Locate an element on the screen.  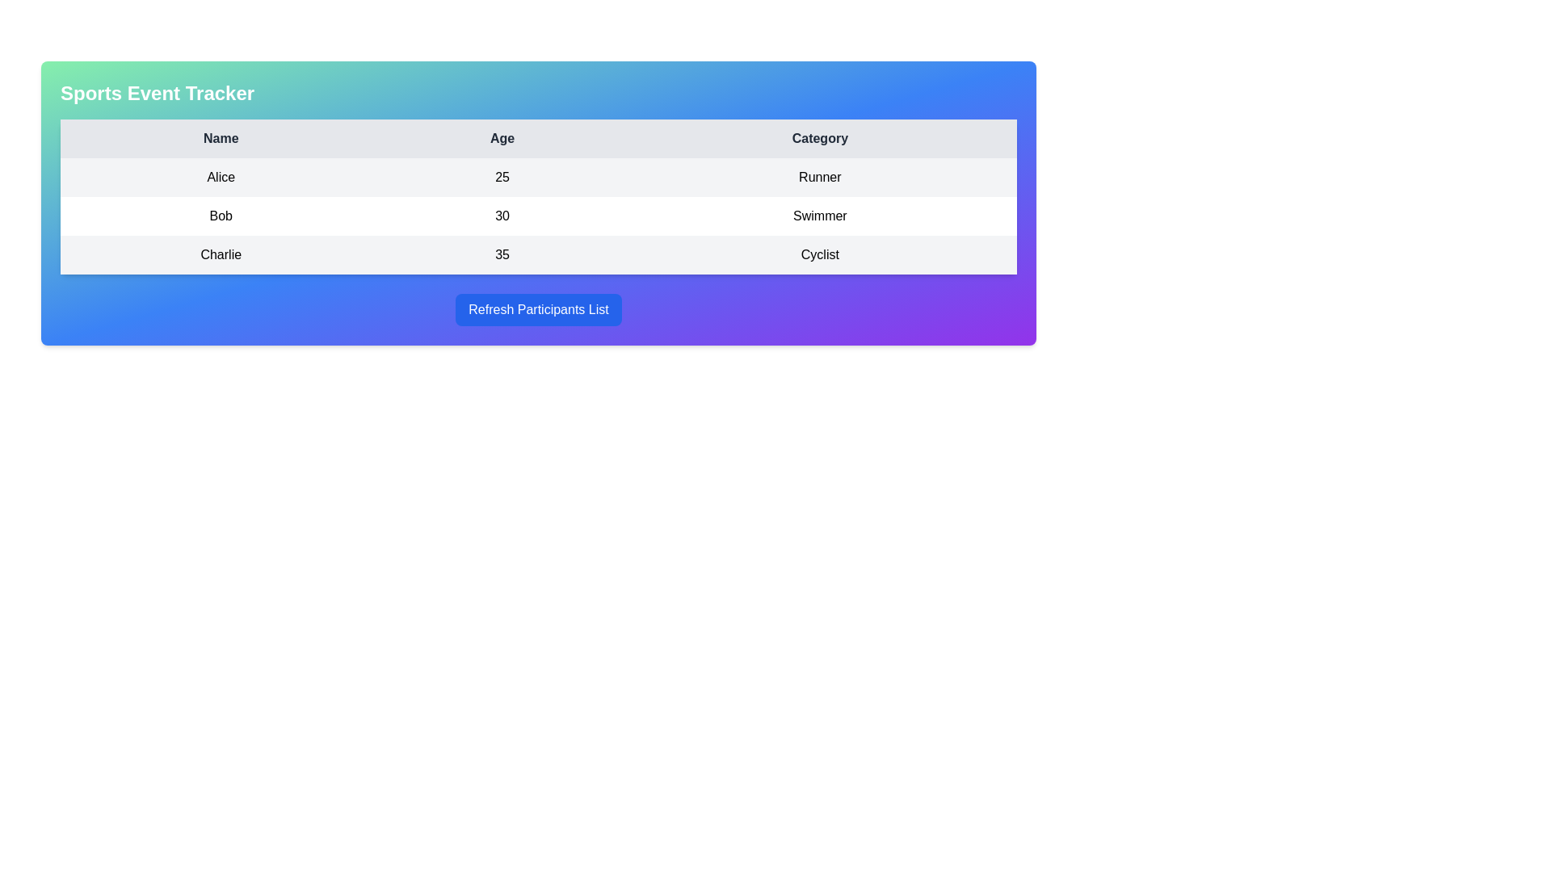
the Text element that represents a participant's name in the first column of the third row of the table, which is left-aligned and adjacent to '35' and 'Cyclist' is located at coordinates (220, 254).